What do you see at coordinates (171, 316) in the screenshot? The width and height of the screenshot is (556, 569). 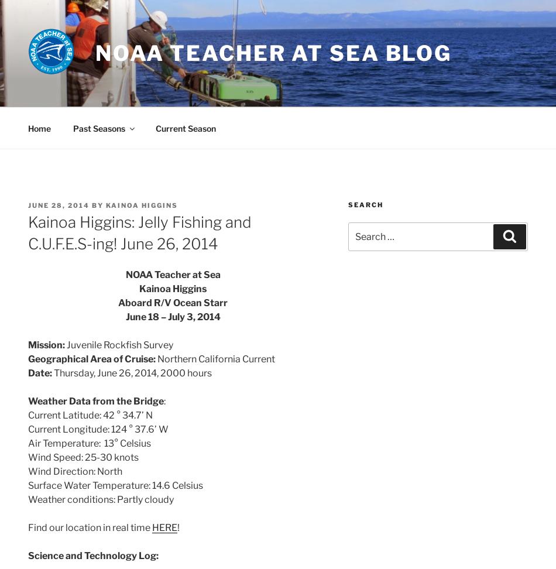 I see `'June 18 – July 3, 2014'` at bounding box center [171, 316].